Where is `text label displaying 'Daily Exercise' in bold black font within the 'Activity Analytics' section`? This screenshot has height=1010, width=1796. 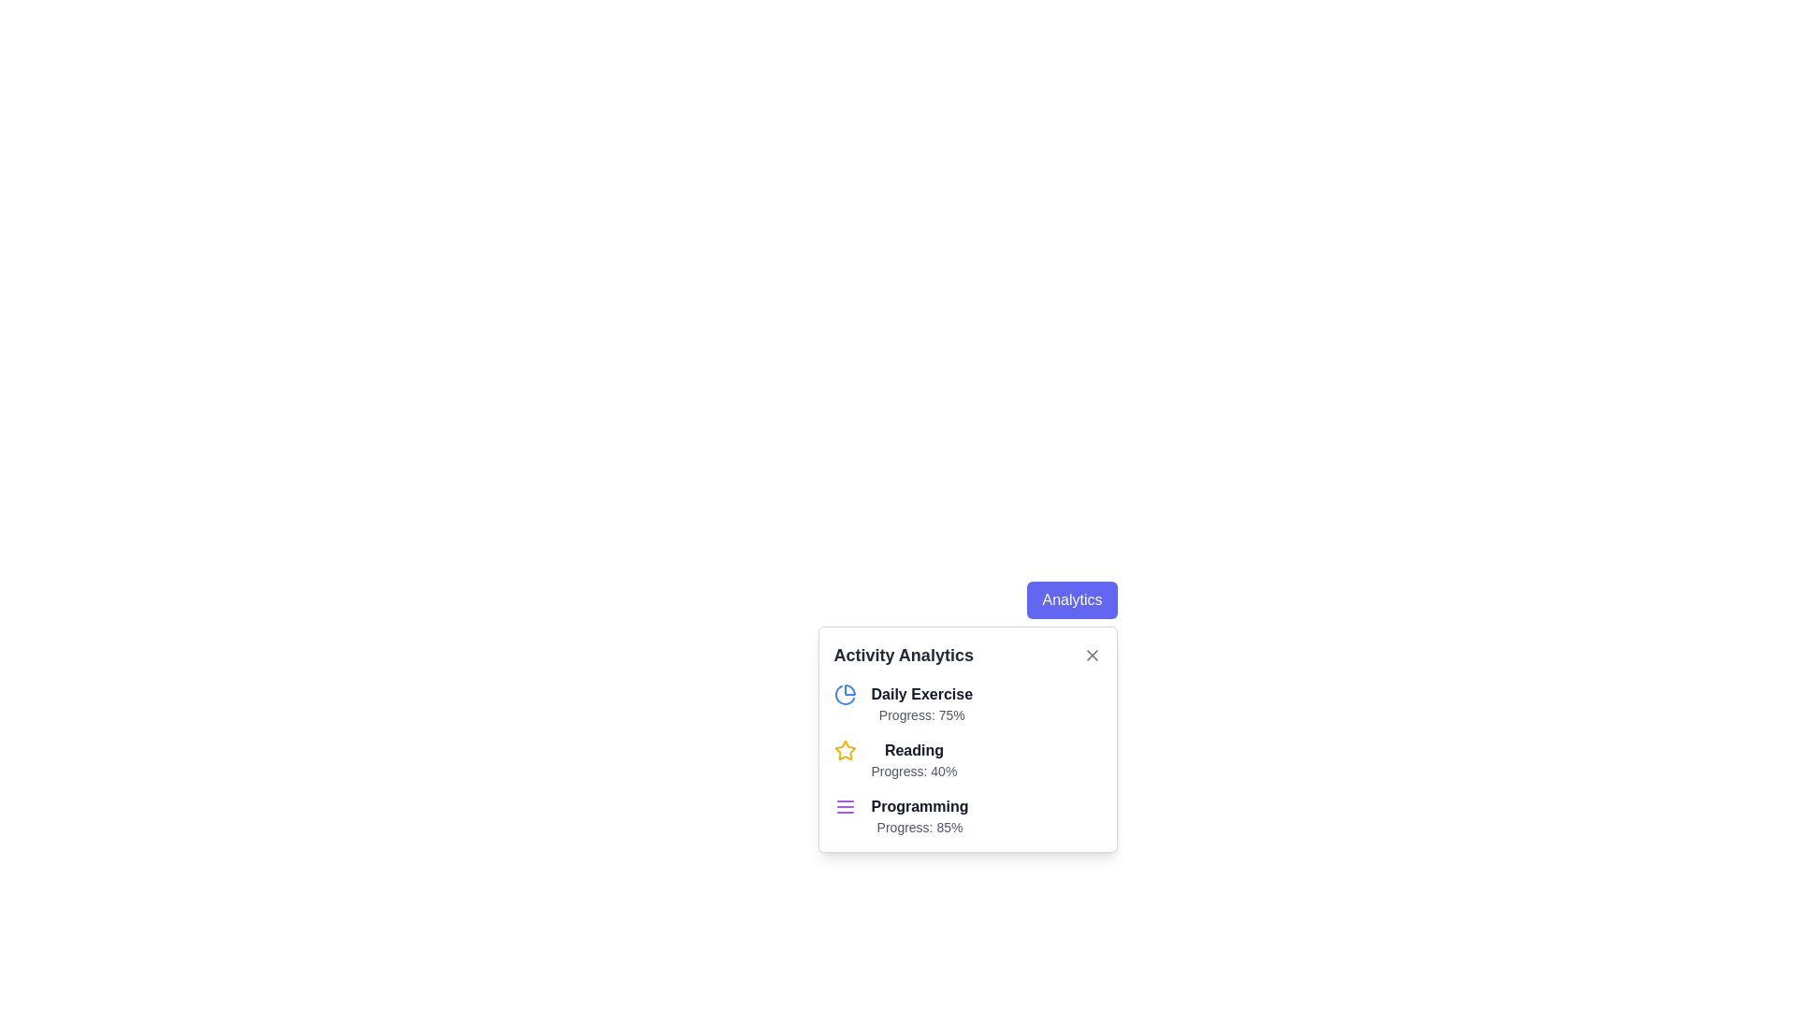
text label displaying 'Daily Exercise' in bold black font within the 'Activity Analytics' section is located at coordinates (921, 695).